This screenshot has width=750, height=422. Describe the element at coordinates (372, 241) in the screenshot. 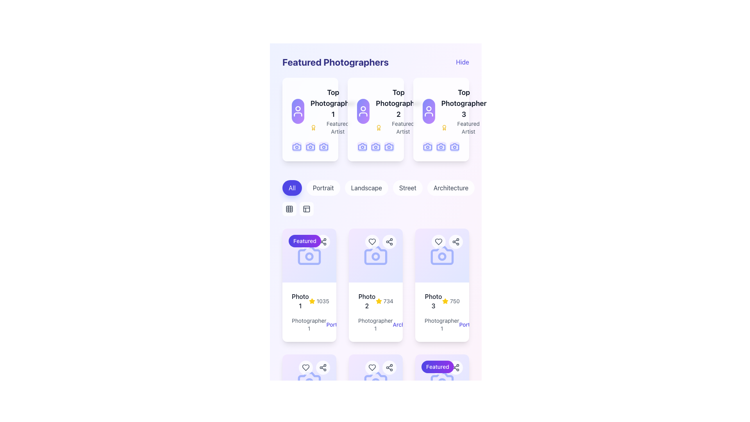

I see `the 'like' button located in the upper-right corner of the card labeled 'Photo 2'` at that location.